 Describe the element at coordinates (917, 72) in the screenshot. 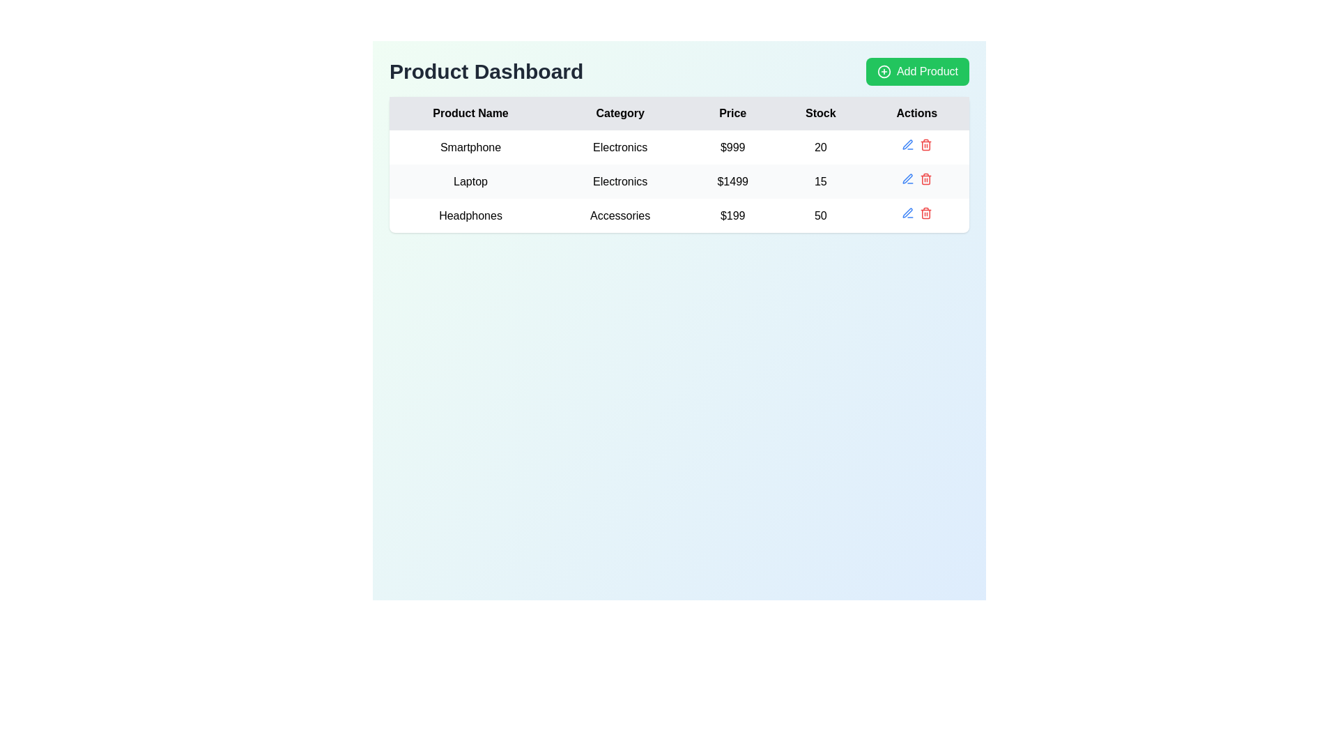

I see `the button` at that location.